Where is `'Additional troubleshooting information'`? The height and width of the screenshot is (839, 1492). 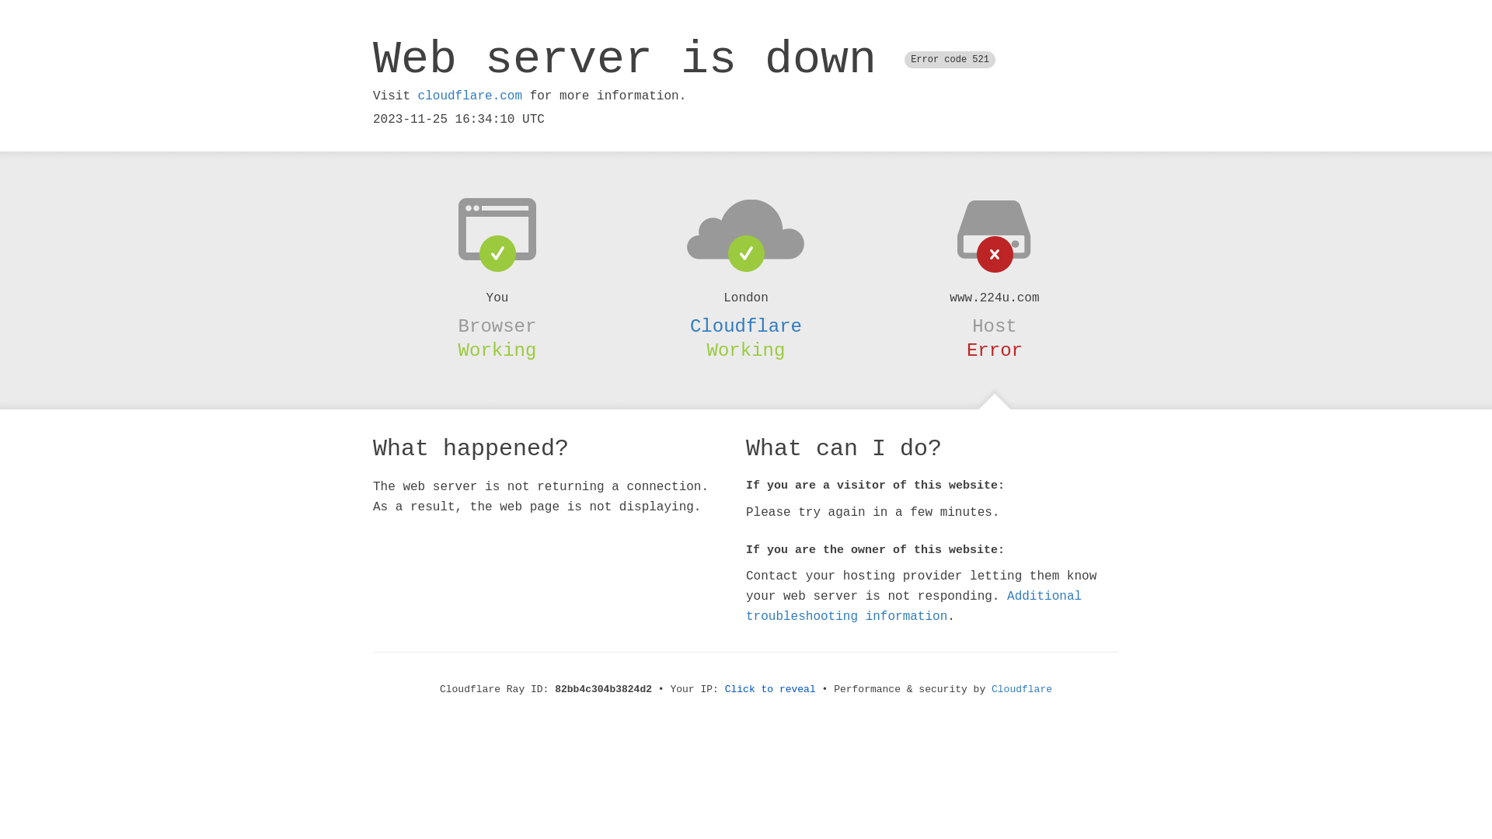
'Additional troubleshooting information' is located at coordinates (914, 605).